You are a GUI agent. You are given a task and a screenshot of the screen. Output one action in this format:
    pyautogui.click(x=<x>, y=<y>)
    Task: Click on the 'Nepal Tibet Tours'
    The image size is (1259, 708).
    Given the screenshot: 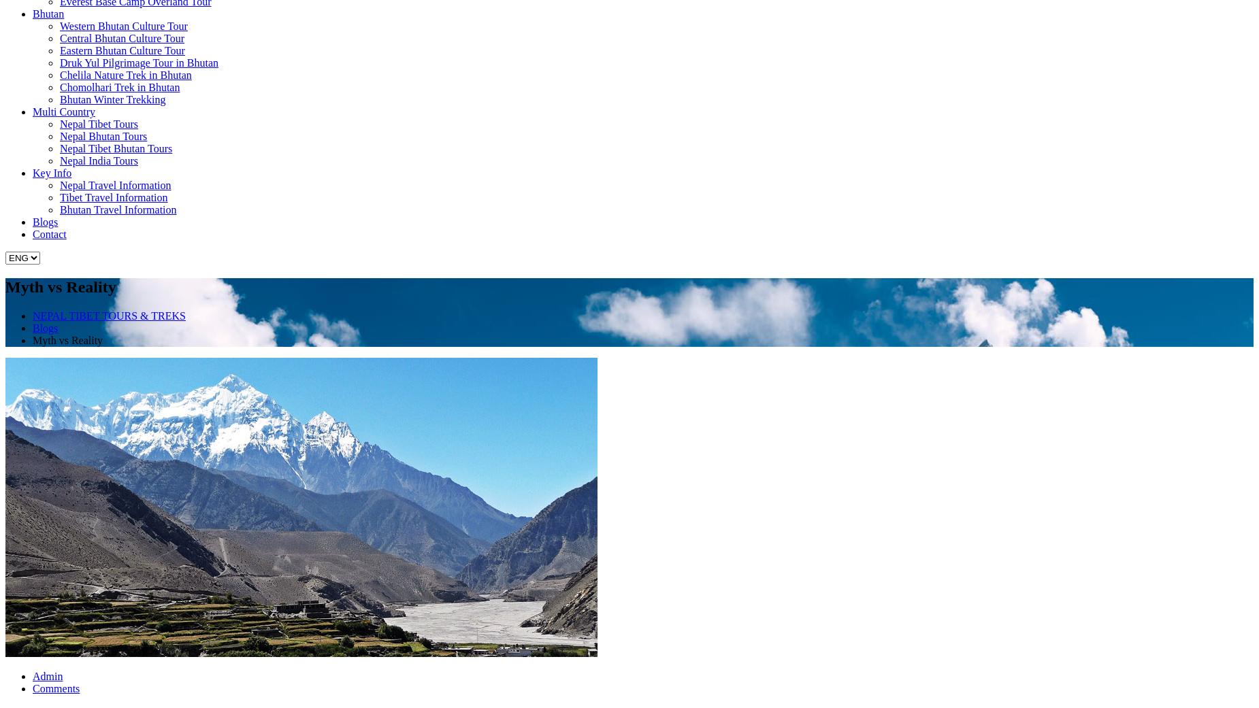 What is the action you would take?
    pyautogui.click(x=98, y=124)
    